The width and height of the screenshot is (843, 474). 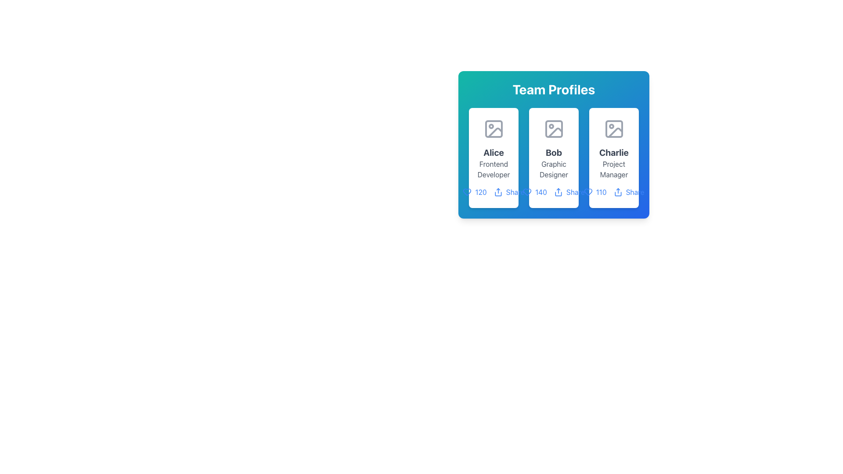 I want to click on the rectangular background of the image icon for 'Charlie - Project Manager' located in the 'Team Profiles' section, so click(x=613, y=129).